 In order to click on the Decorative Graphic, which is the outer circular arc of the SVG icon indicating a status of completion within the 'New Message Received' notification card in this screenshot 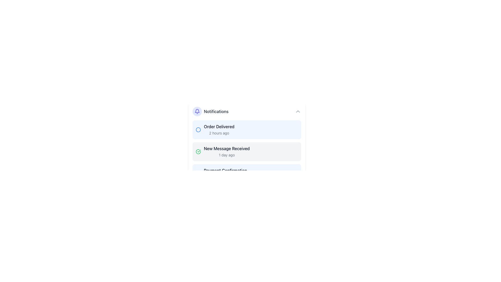, I will do `click(198, 152)`.